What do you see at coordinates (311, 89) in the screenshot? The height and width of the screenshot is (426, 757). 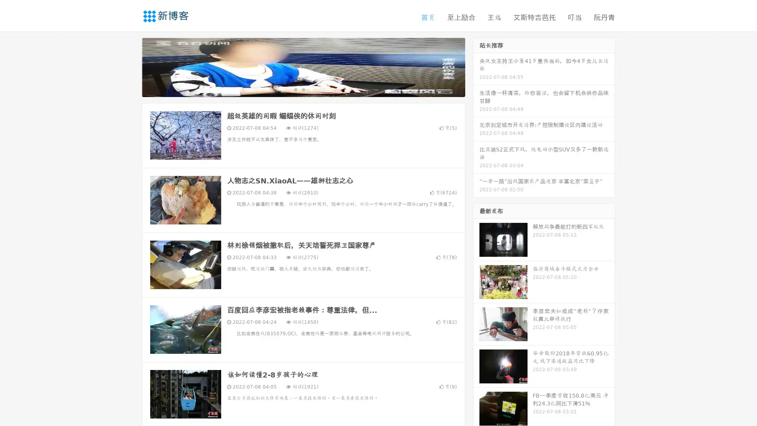 I see `Go to slide 3` at bounding box center [311, 89].